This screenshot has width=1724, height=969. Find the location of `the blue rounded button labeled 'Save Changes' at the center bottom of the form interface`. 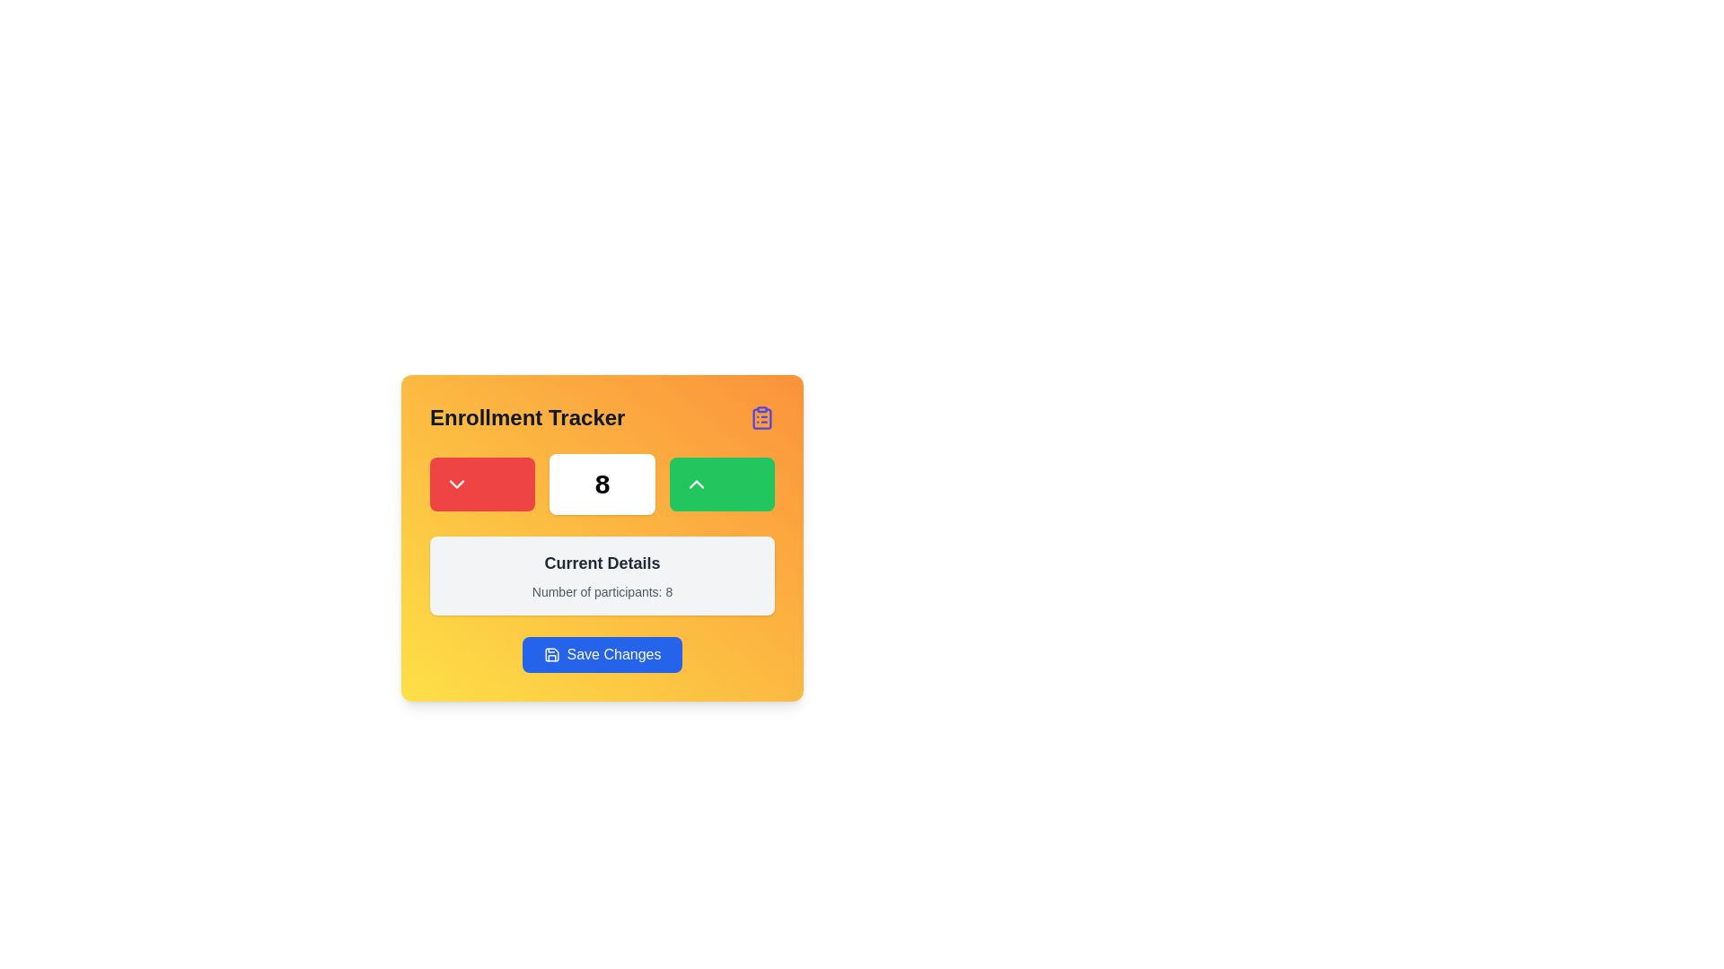

the blue rounded button labeled 'Save Changes' at the center bottom of the form interface is located at coordinates (603, 654).